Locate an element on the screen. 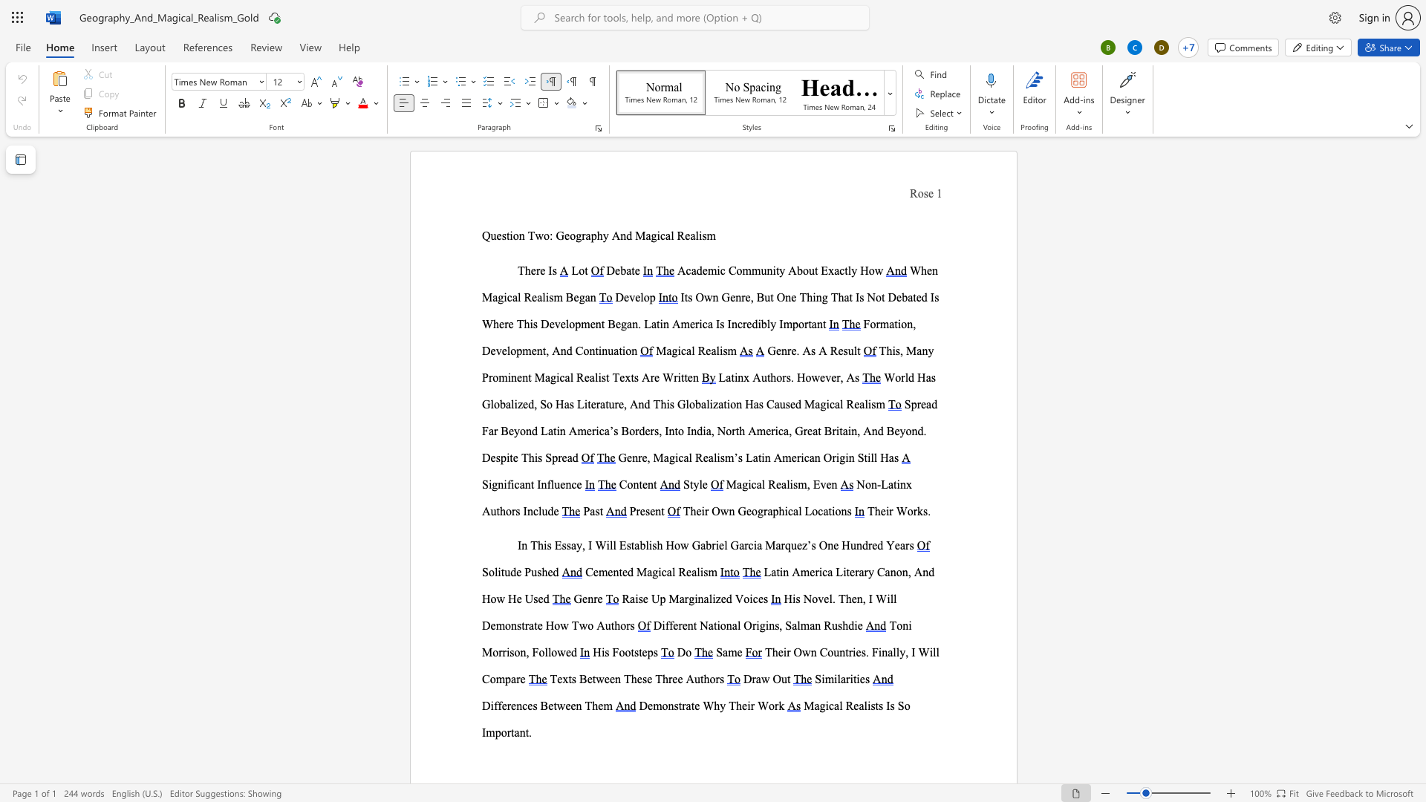  the space between the continuous character "I" and "n" in the text is located at coordinates (541, 484).